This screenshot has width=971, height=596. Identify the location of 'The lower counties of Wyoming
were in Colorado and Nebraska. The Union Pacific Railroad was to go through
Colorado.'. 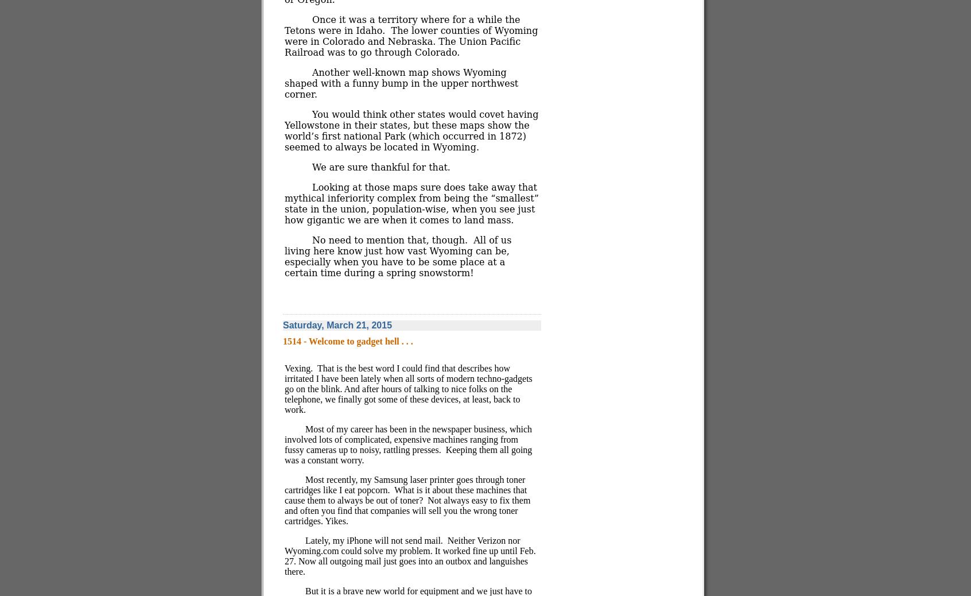
(410, 41).